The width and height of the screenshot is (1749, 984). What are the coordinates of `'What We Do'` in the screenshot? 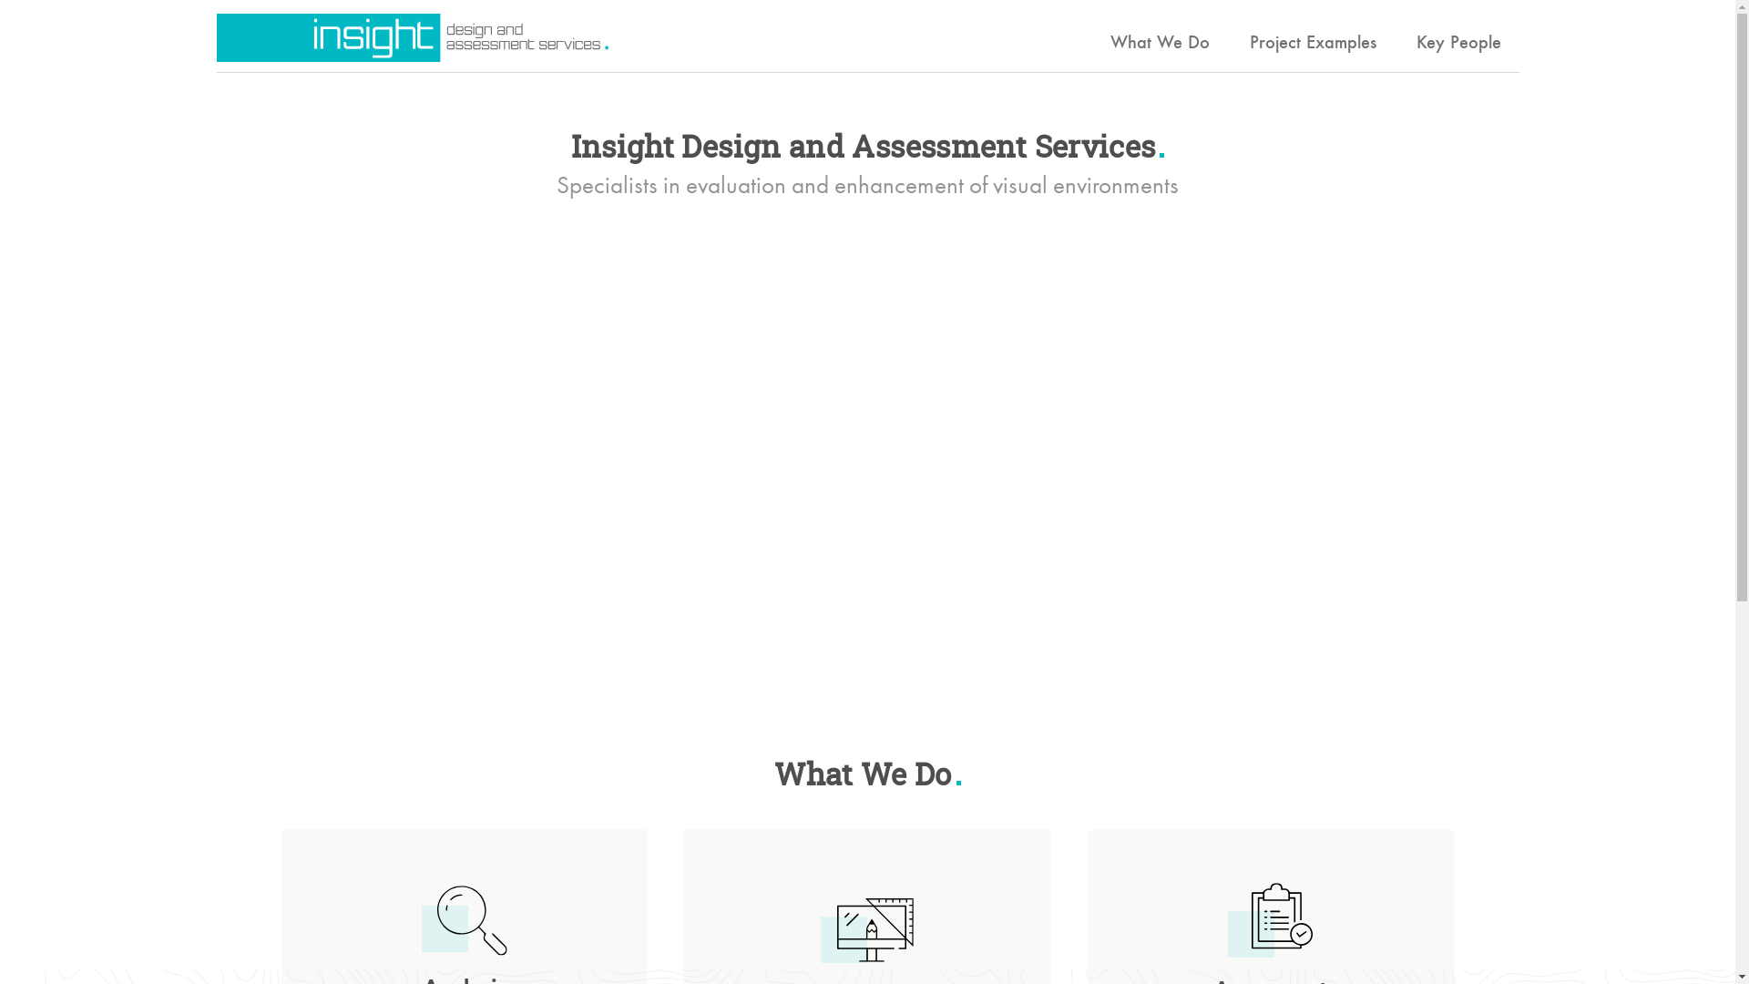 It's located at (1158, 41).